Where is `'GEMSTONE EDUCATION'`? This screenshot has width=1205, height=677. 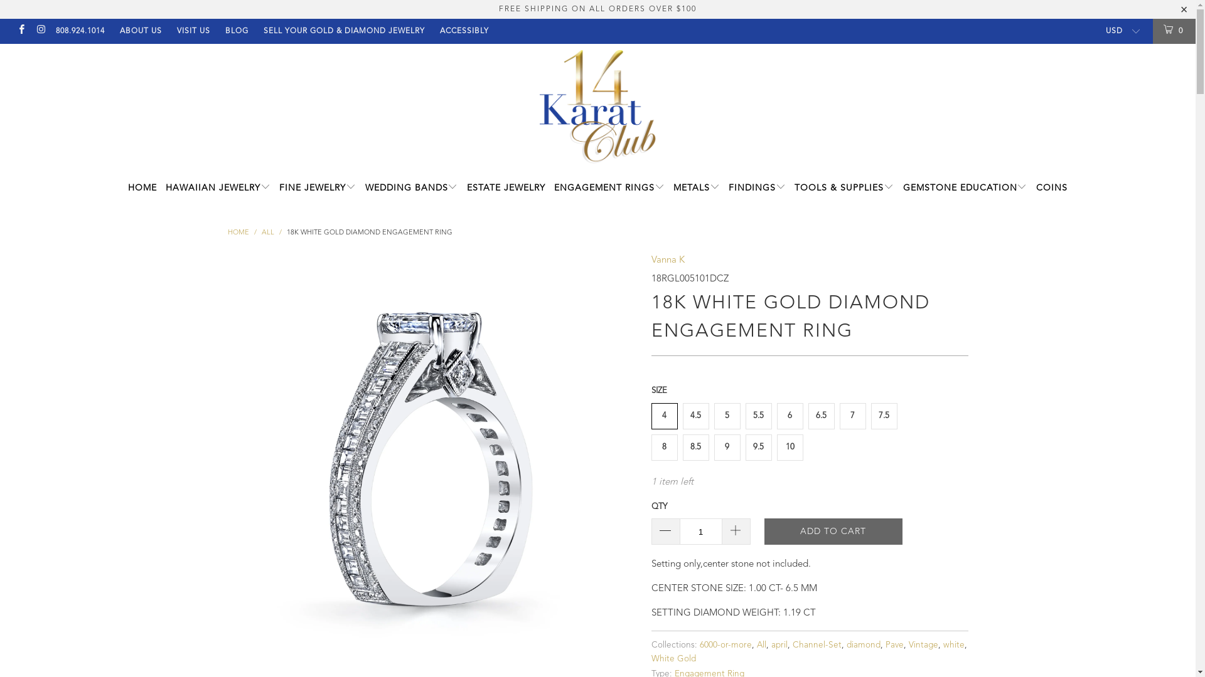 'GEMSTONE EDUCATION' is located at coordinates (964, 188).